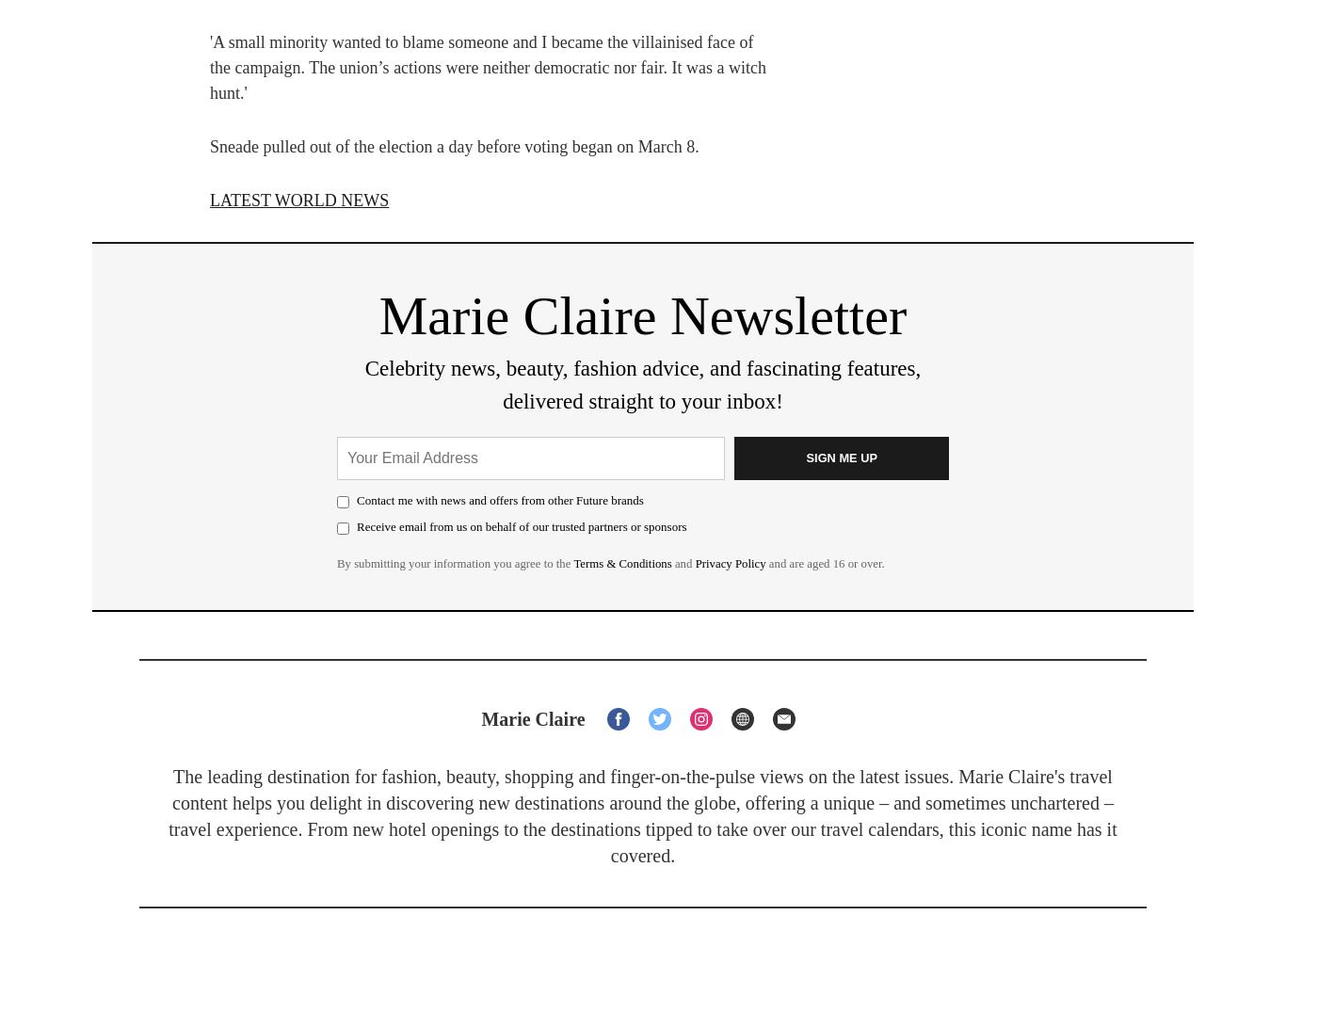 The image size is (1318, 1012). I want to click on 'Privacy Policy', so click(730, 562).